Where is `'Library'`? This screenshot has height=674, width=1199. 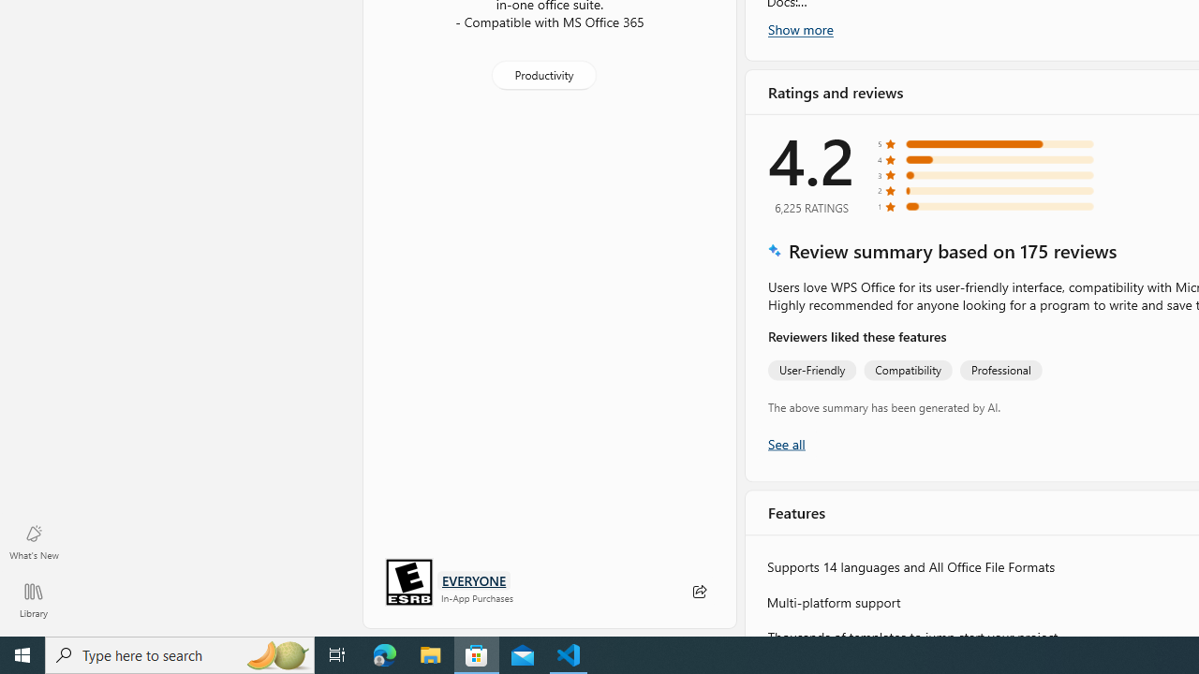 'Library' is located at coordinates (33, 599).